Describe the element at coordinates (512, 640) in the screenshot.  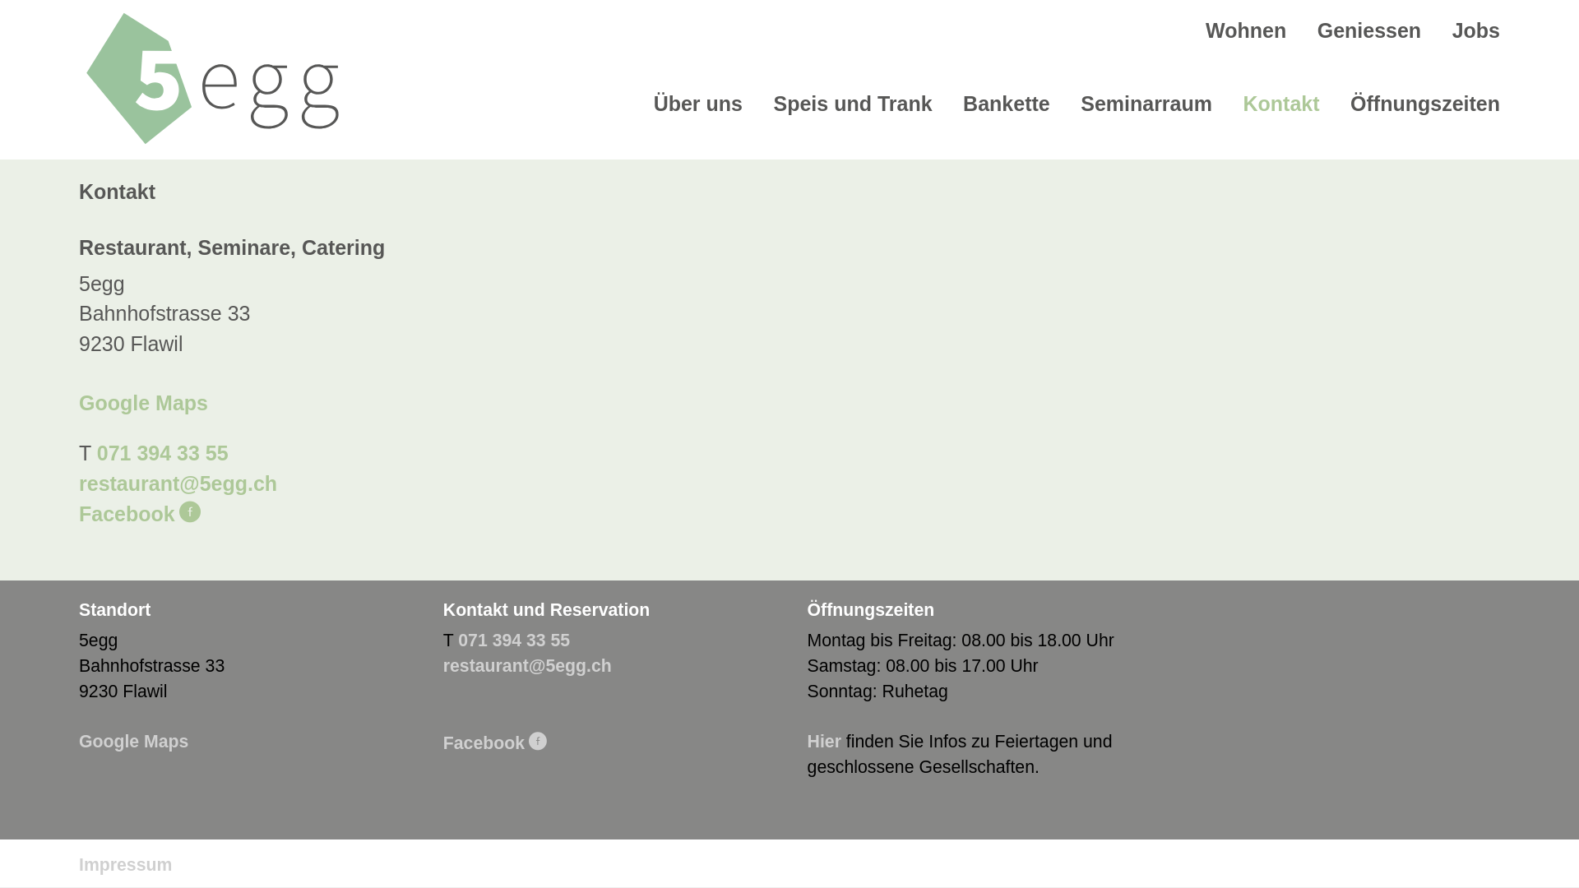
I see `'071 394 33 55'` at that location.